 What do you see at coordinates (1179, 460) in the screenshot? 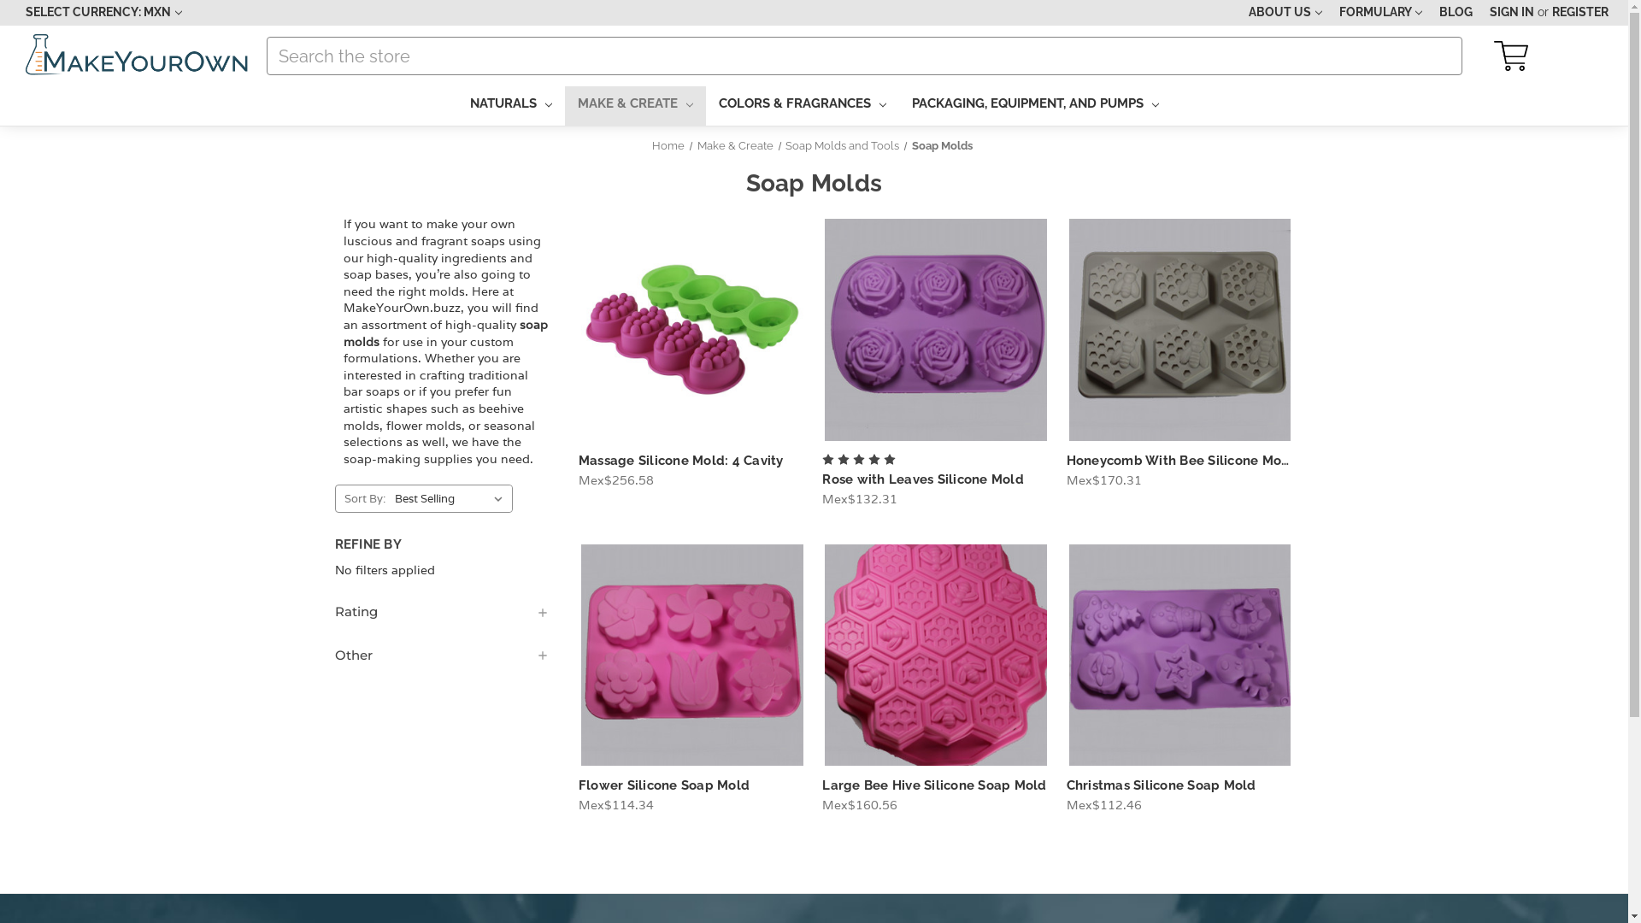
I see `'Honeycomb With Bee Silicone Mold'` at bounding box center [1179, 460].